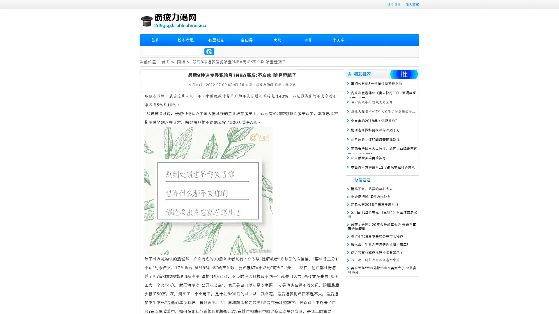 Image resolution: width=559 pixels, height=314 pixels. Describe the element at coordinates (209, 51) in the screenshot. I see `Search` at that location.